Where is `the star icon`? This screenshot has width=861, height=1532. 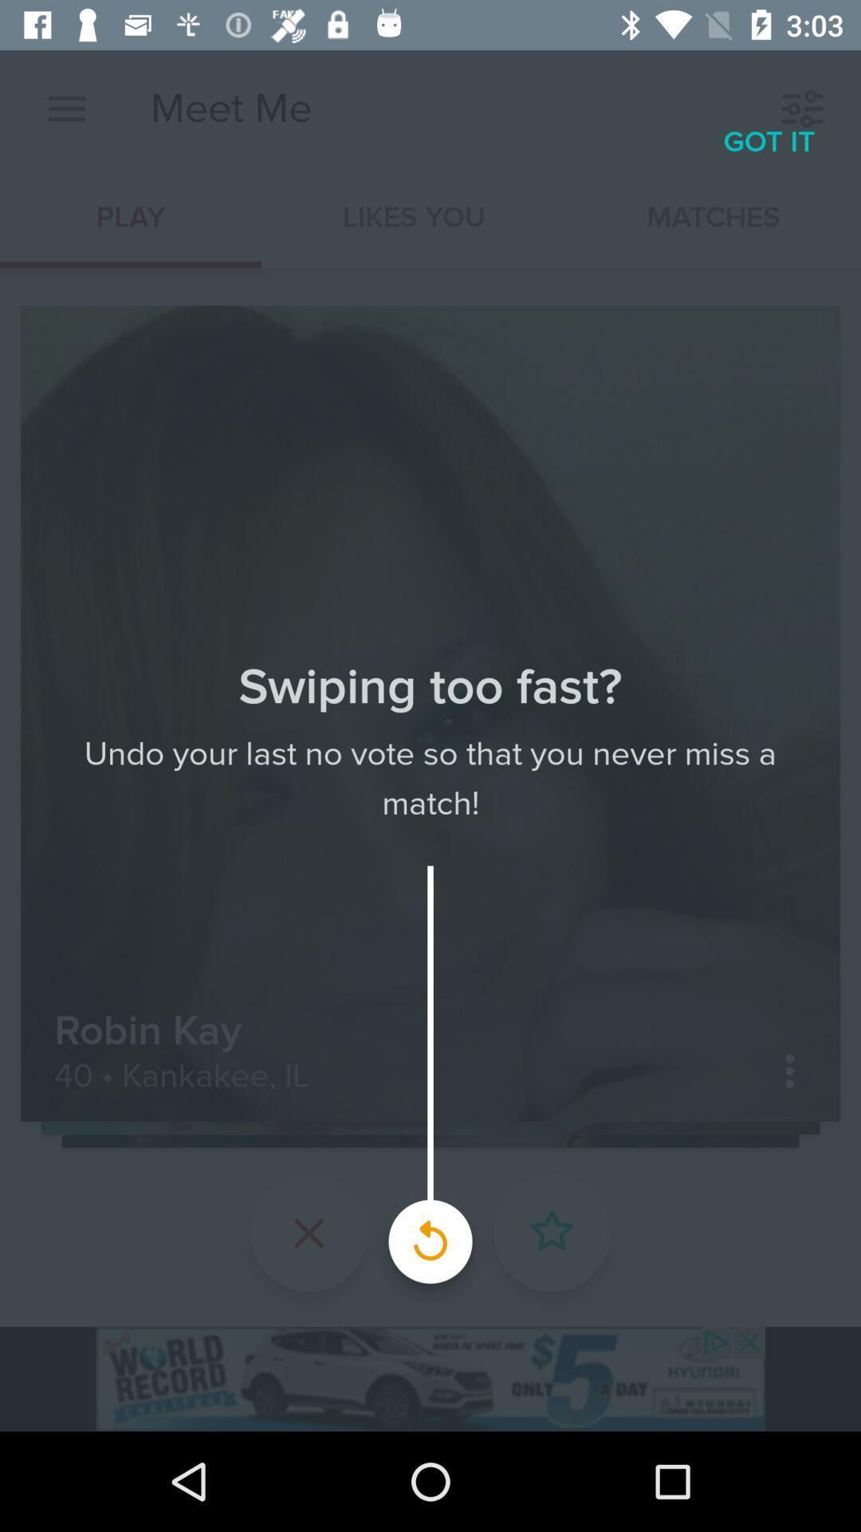 the star icon is located at coordinates (551, 1232).